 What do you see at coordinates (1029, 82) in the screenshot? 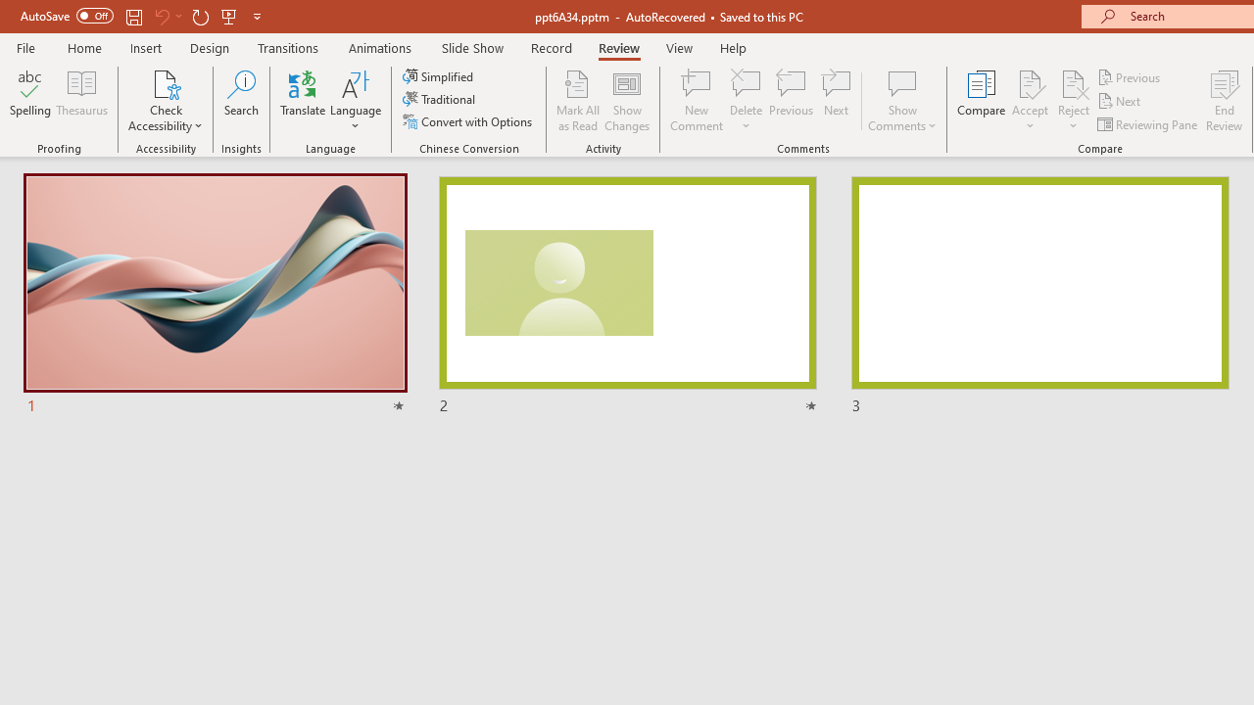
I see `'Accept Change'` at bounding box center [1029, 82].